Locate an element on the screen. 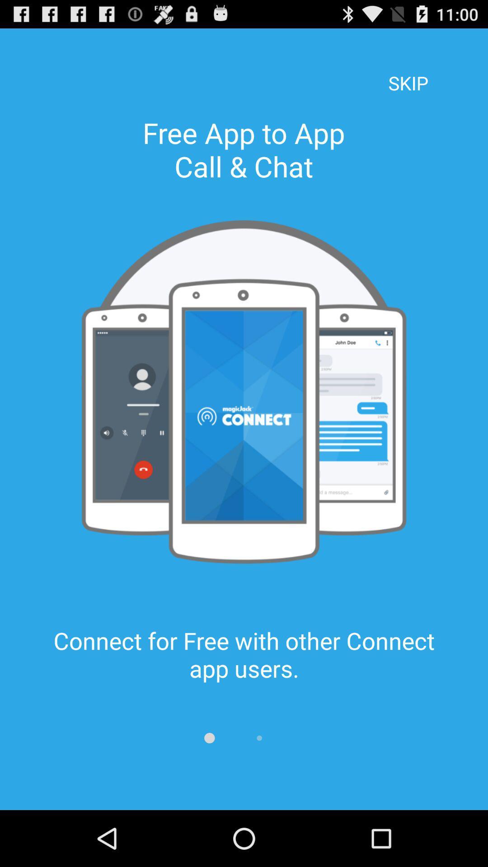 The width and height of the screenshot is (488, 867). go next is located at coordinates (259, 738).